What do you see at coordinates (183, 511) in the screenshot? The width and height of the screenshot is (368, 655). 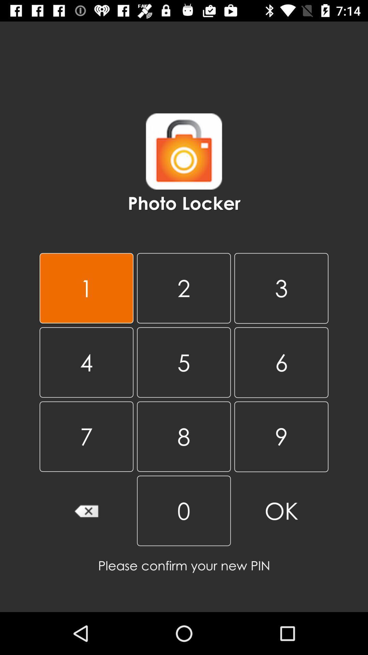 I see `the icon below the 9` at bounding box center [183, 511].